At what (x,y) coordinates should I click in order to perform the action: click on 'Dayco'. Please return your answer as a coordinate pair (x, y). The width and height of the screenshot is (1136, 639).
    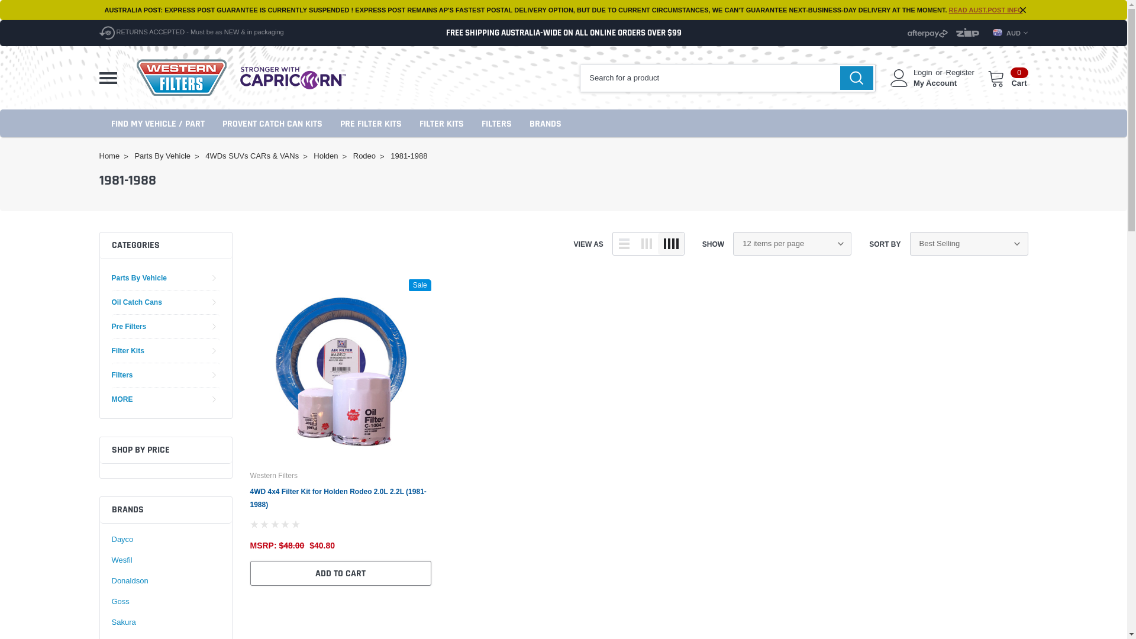
    Looking at the image, I should click on (122, 538).